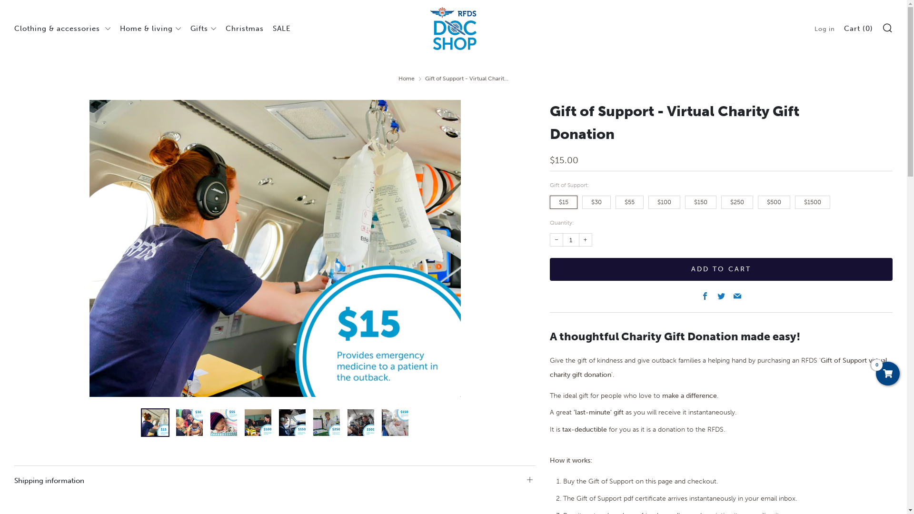 This screenshot has height=514, width=914. What do you see at coordinates (858, 28) in the screenshot?
I see `'Cart (0)'` at bounding box center [858, 28].